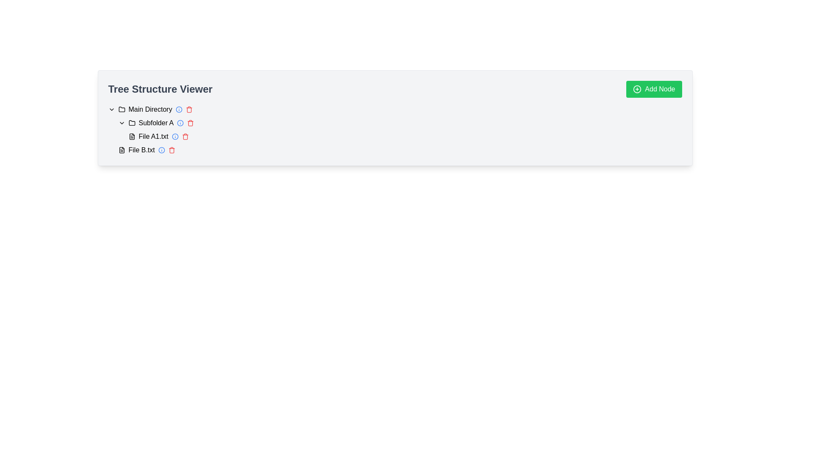 This screenshot has width=813, height=457. Describe the element at coordinates (150, 109) in the screenshot. I see `title label of the main directory in the hierarchical tree structure viewer, located near the upper-left corner of the interface` at that location.